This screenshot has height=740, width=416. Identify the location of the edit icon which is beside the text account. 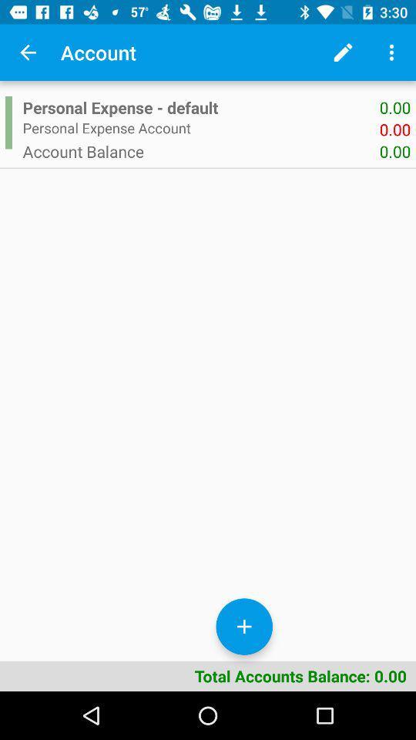
(343, 52).